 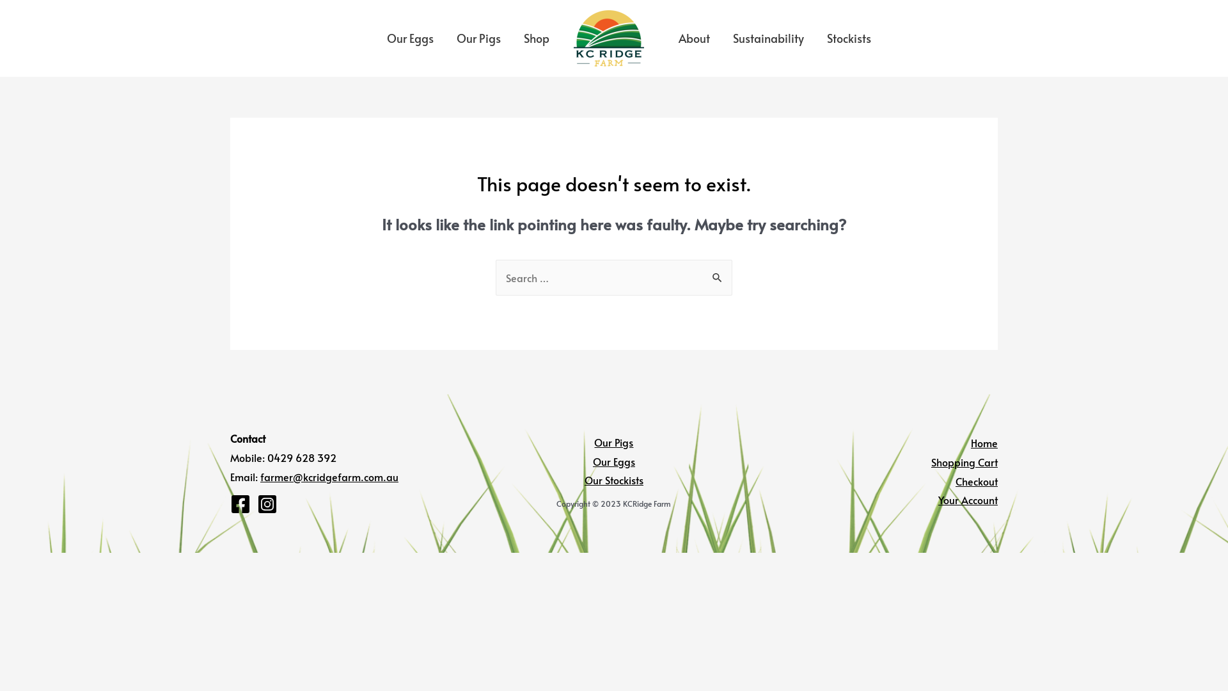 What do you see at coordinates (964, 461) in the screenshot?
I see `'Shopping Cart'` at bounding box center [964, 461].